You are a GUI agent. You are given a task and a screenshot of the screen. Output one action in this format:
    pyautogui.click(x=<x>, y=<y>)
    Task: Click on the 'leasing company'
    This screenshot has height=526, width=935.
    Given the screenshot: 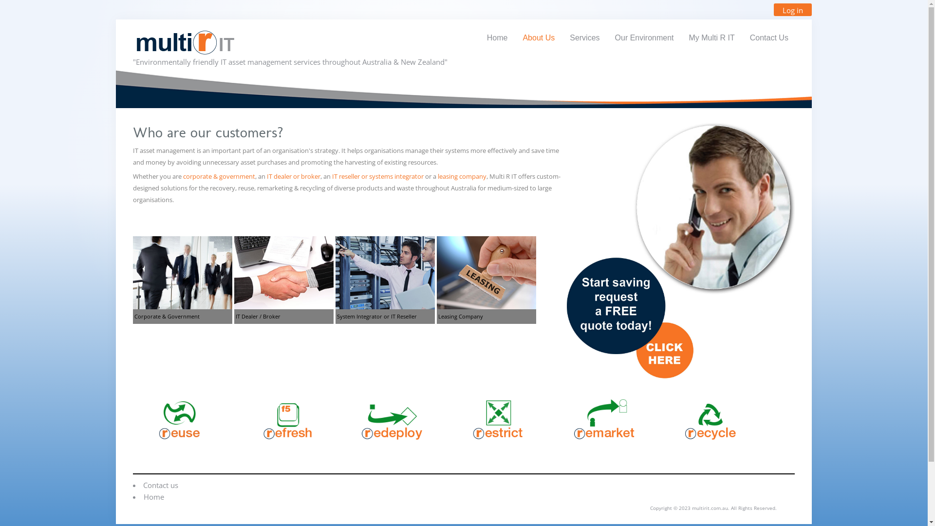 What is the action you would take?
    pyautogui.click(x=437, y=176)
    